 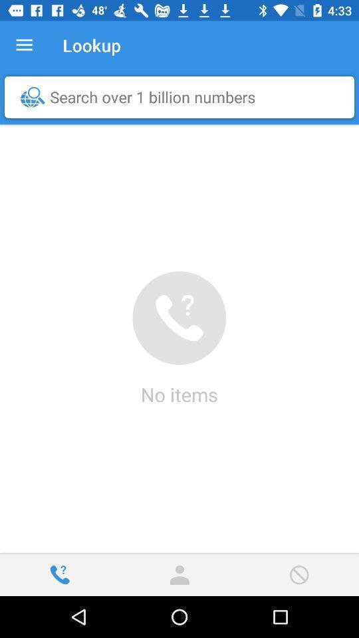 I want to click on search over 1 item, so click(x=182, y=96).